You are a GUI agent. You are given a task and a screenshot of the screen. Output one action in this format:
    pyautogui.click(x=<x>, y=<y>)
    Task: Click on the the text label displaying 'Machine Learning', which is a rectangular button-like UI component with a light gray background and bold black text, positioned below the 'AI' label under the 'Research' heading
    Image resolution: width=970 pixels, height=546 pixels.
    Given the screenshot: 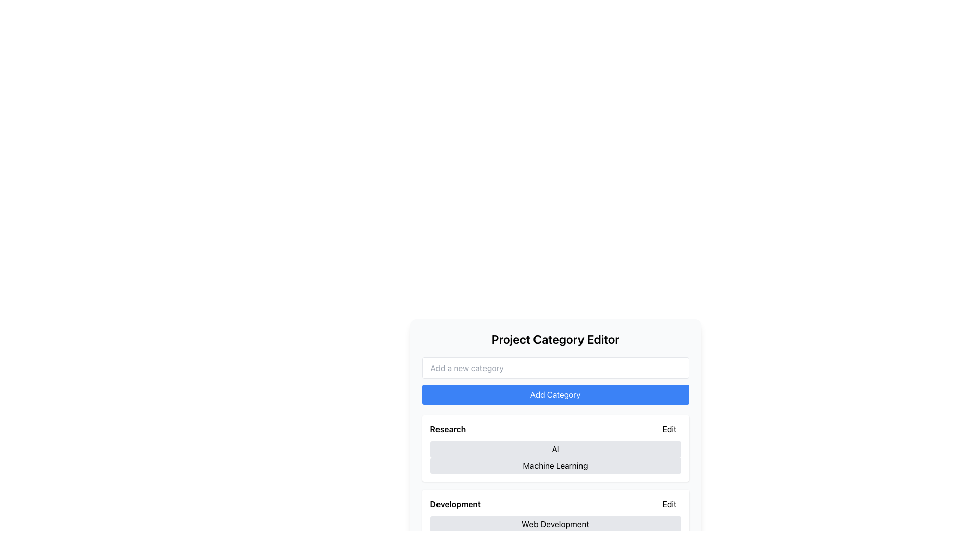 What is the action you would take?
    pyautogui.click(x=555, y=466)
    